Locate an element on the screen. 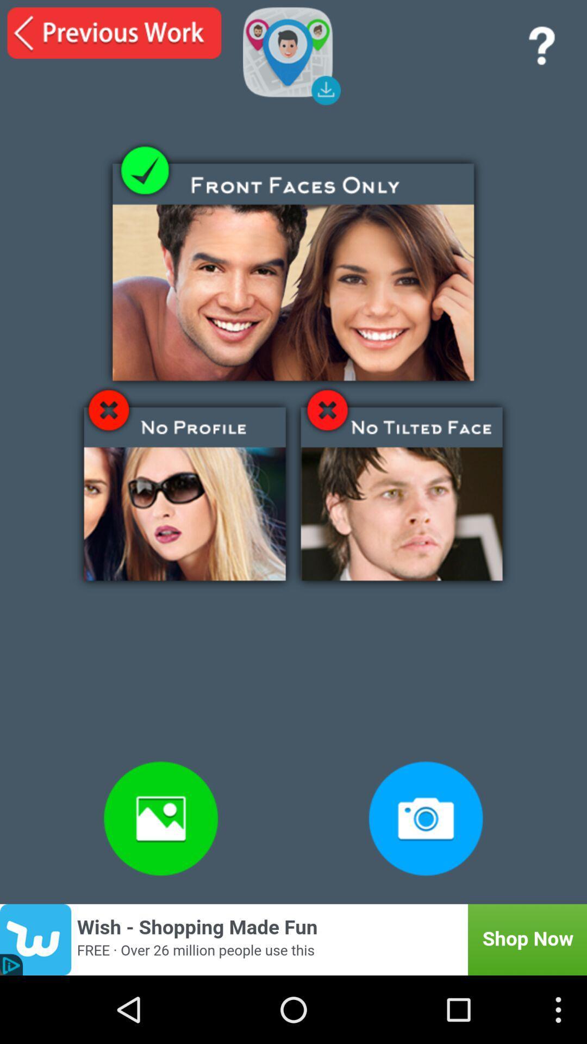 The width and height of the screenshot is (587, 1044). the wallpaper icon is located at coordinates (161, 875).